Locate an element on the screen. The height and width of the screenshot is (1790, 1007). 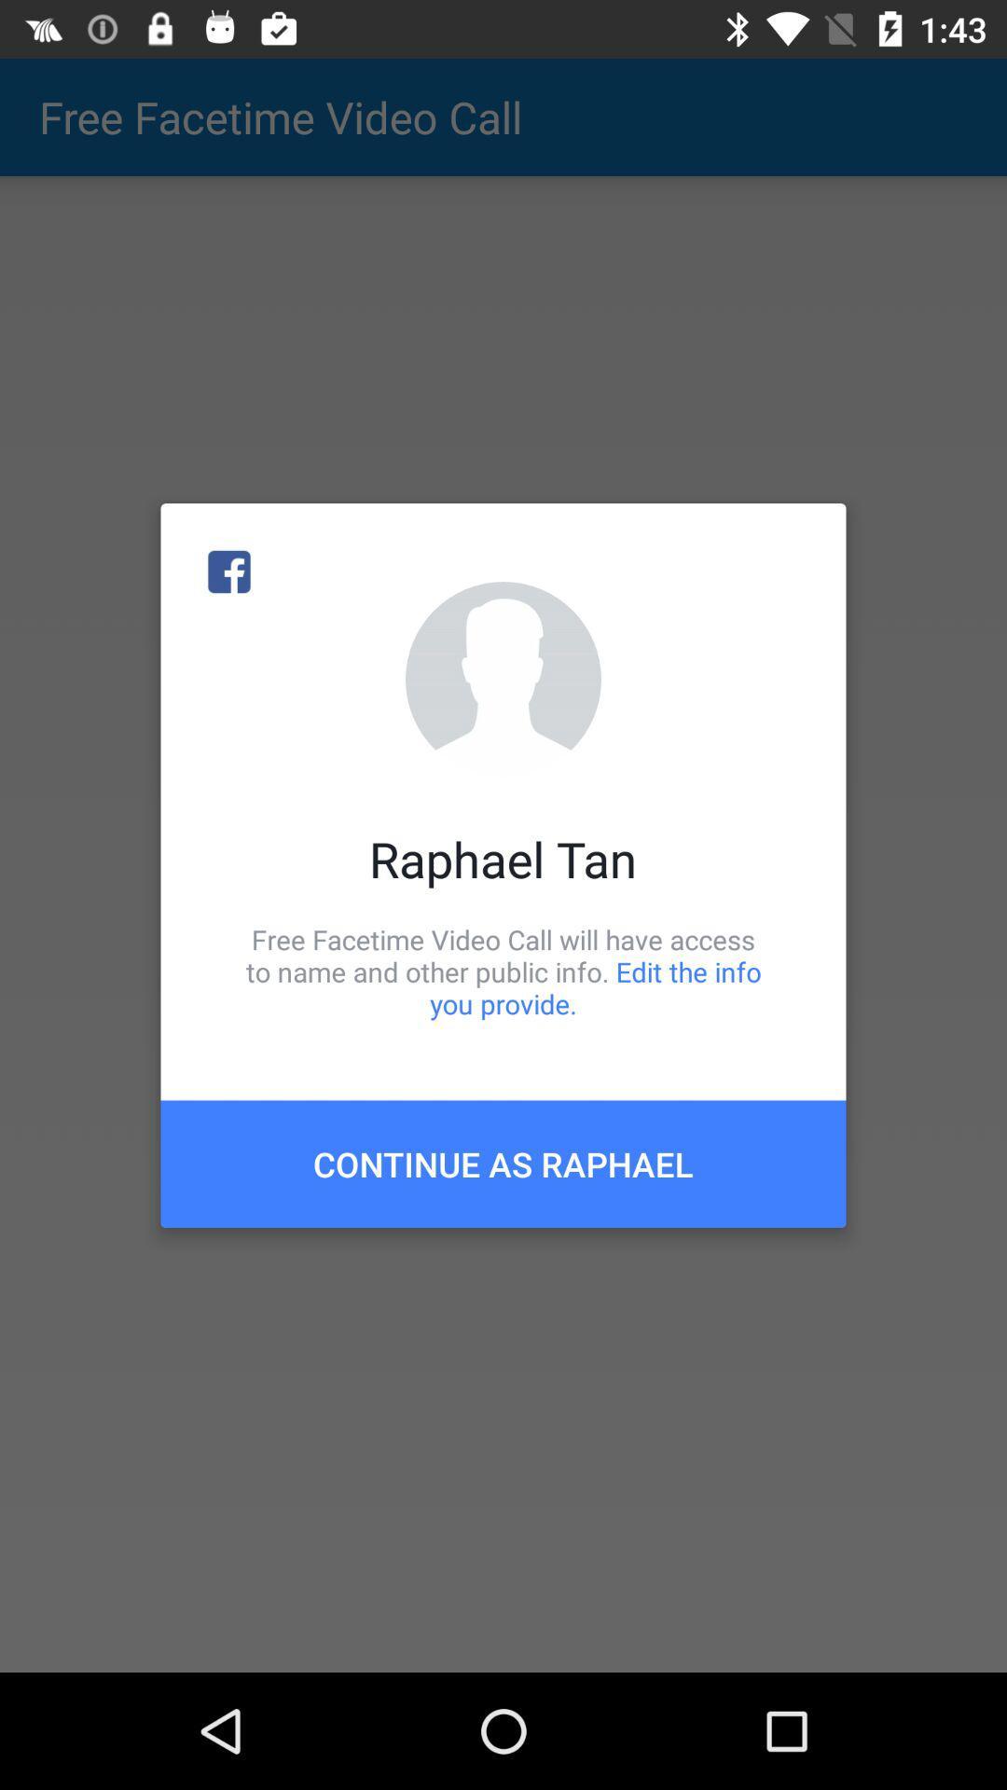
the item below the free facetime video item is located at coordinates (504, 1163).